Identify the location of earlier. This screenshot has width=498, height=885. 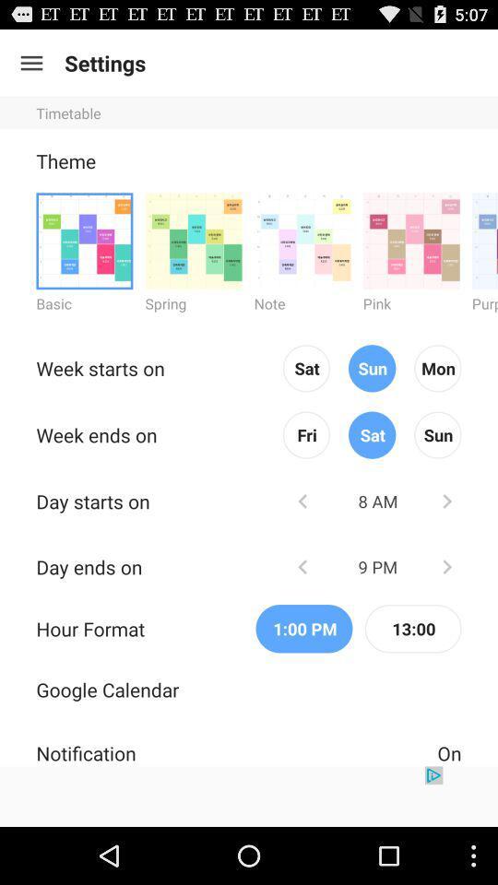
(302, 501).